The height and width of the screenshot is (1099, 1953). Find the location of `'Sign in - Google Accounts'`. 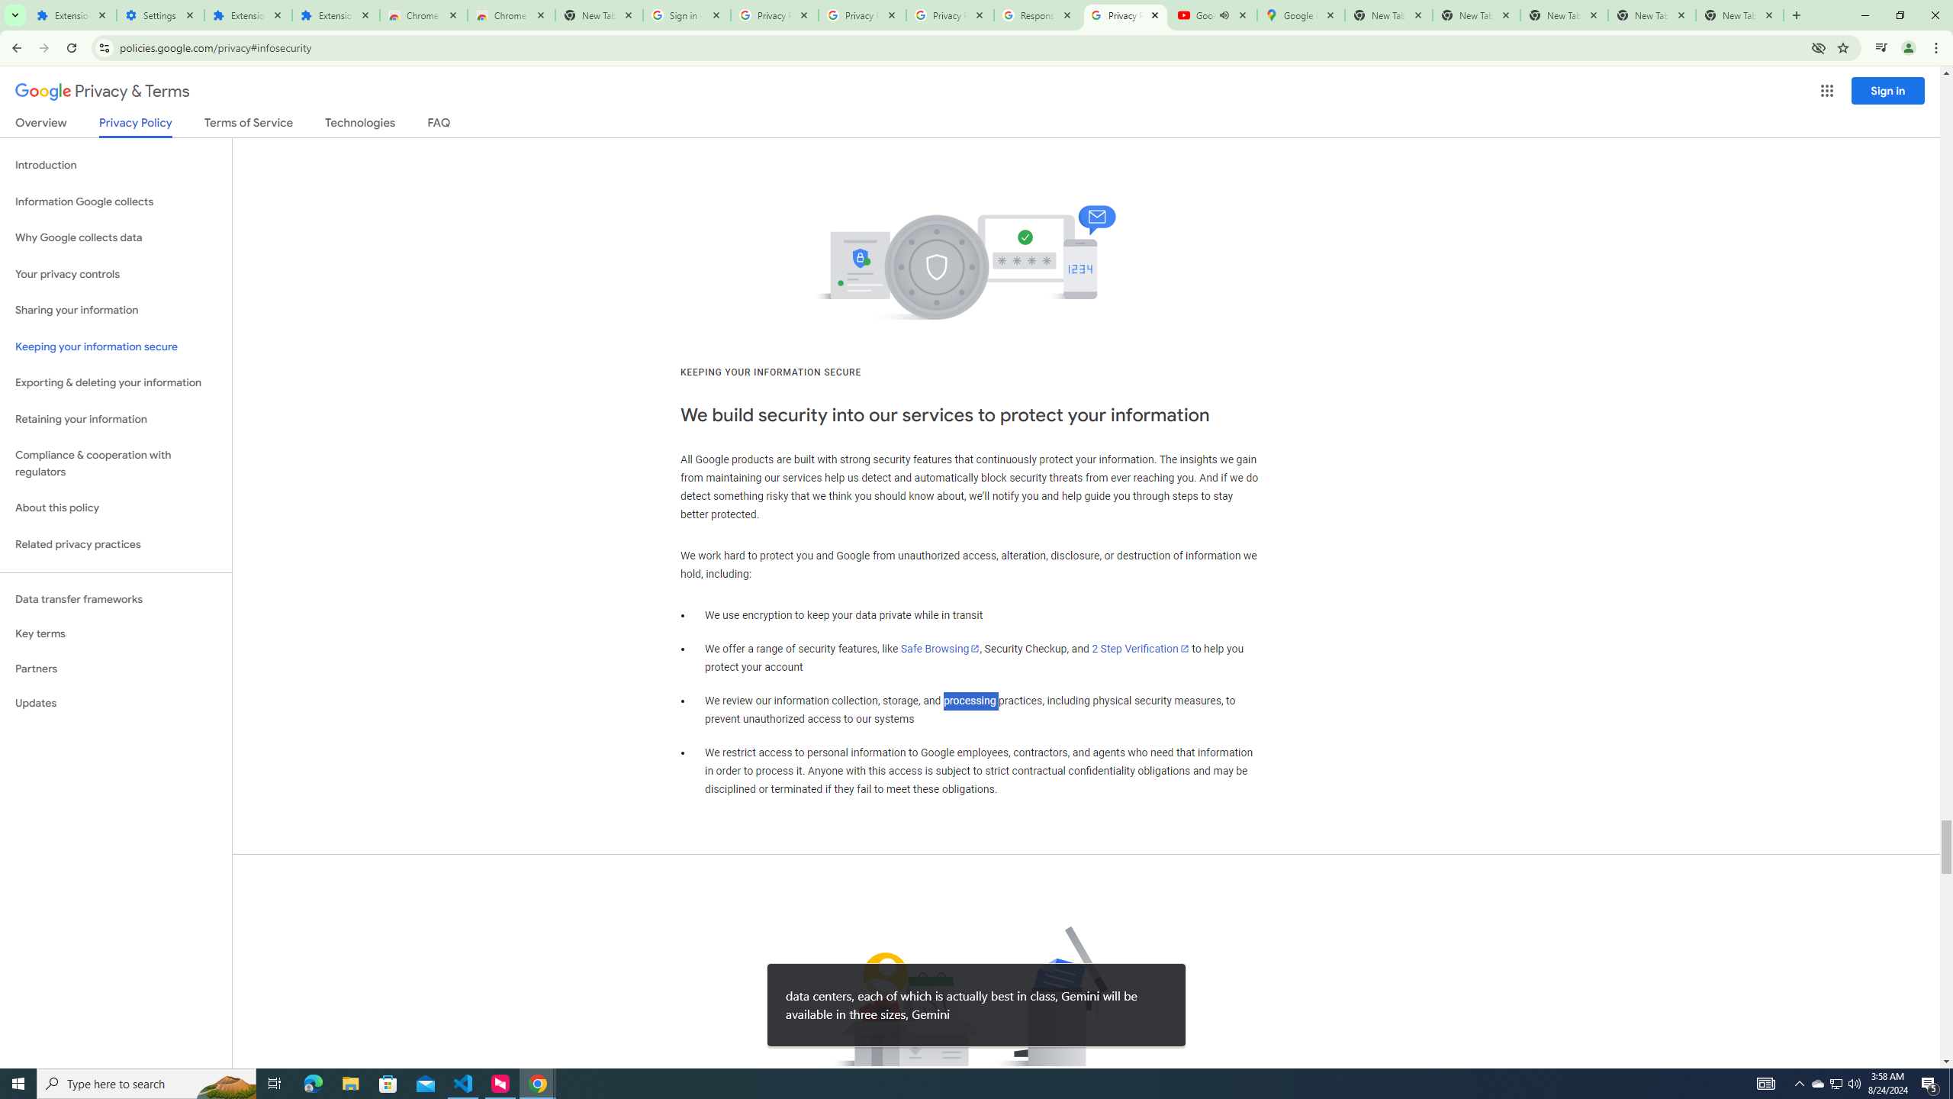

'Sign in - Google Accounts' is located at coordinates (687, 15).